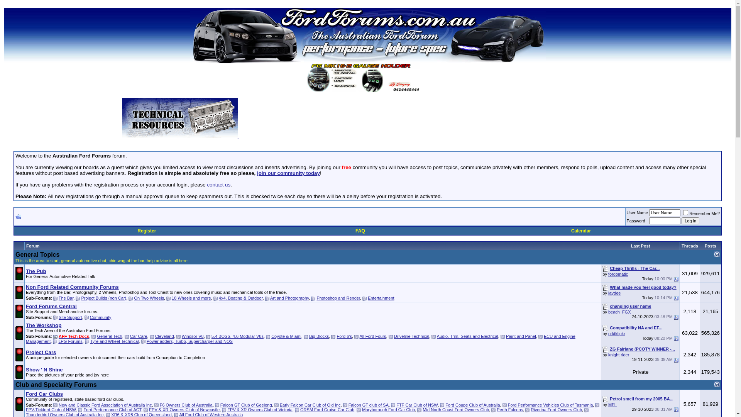 Image resolution: width=741 pixels, height=417 pixels. Describe the element at coordinates (36, 271) in the screenshot. I see `'The Pub'` at that location.